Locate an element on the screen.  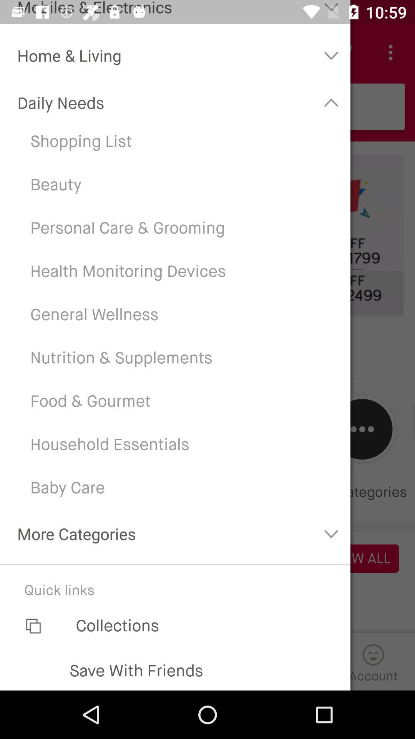
the button which is next to the household essentials is located at coordinates (362, 429).